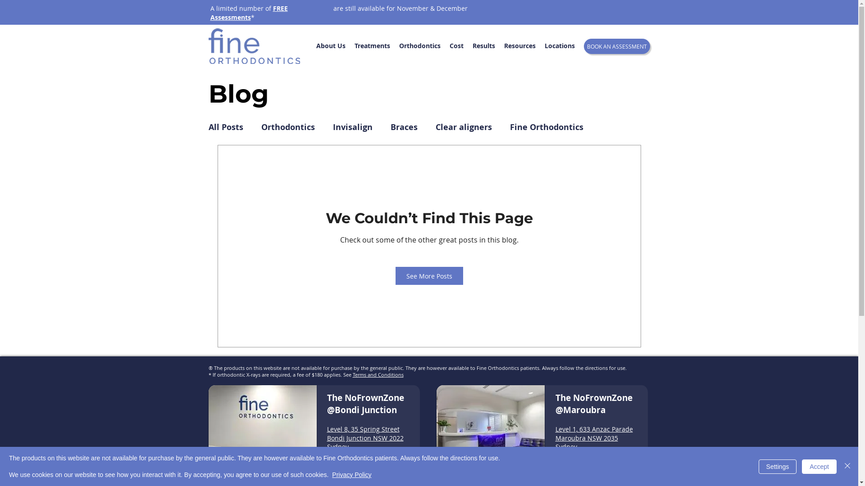 Image resolution: width=865 pixels, height=486 pixels. What do you see at coordinates (559, 46) in the screenshot?
I see `'Locations'` at bounding box center [559, 46].